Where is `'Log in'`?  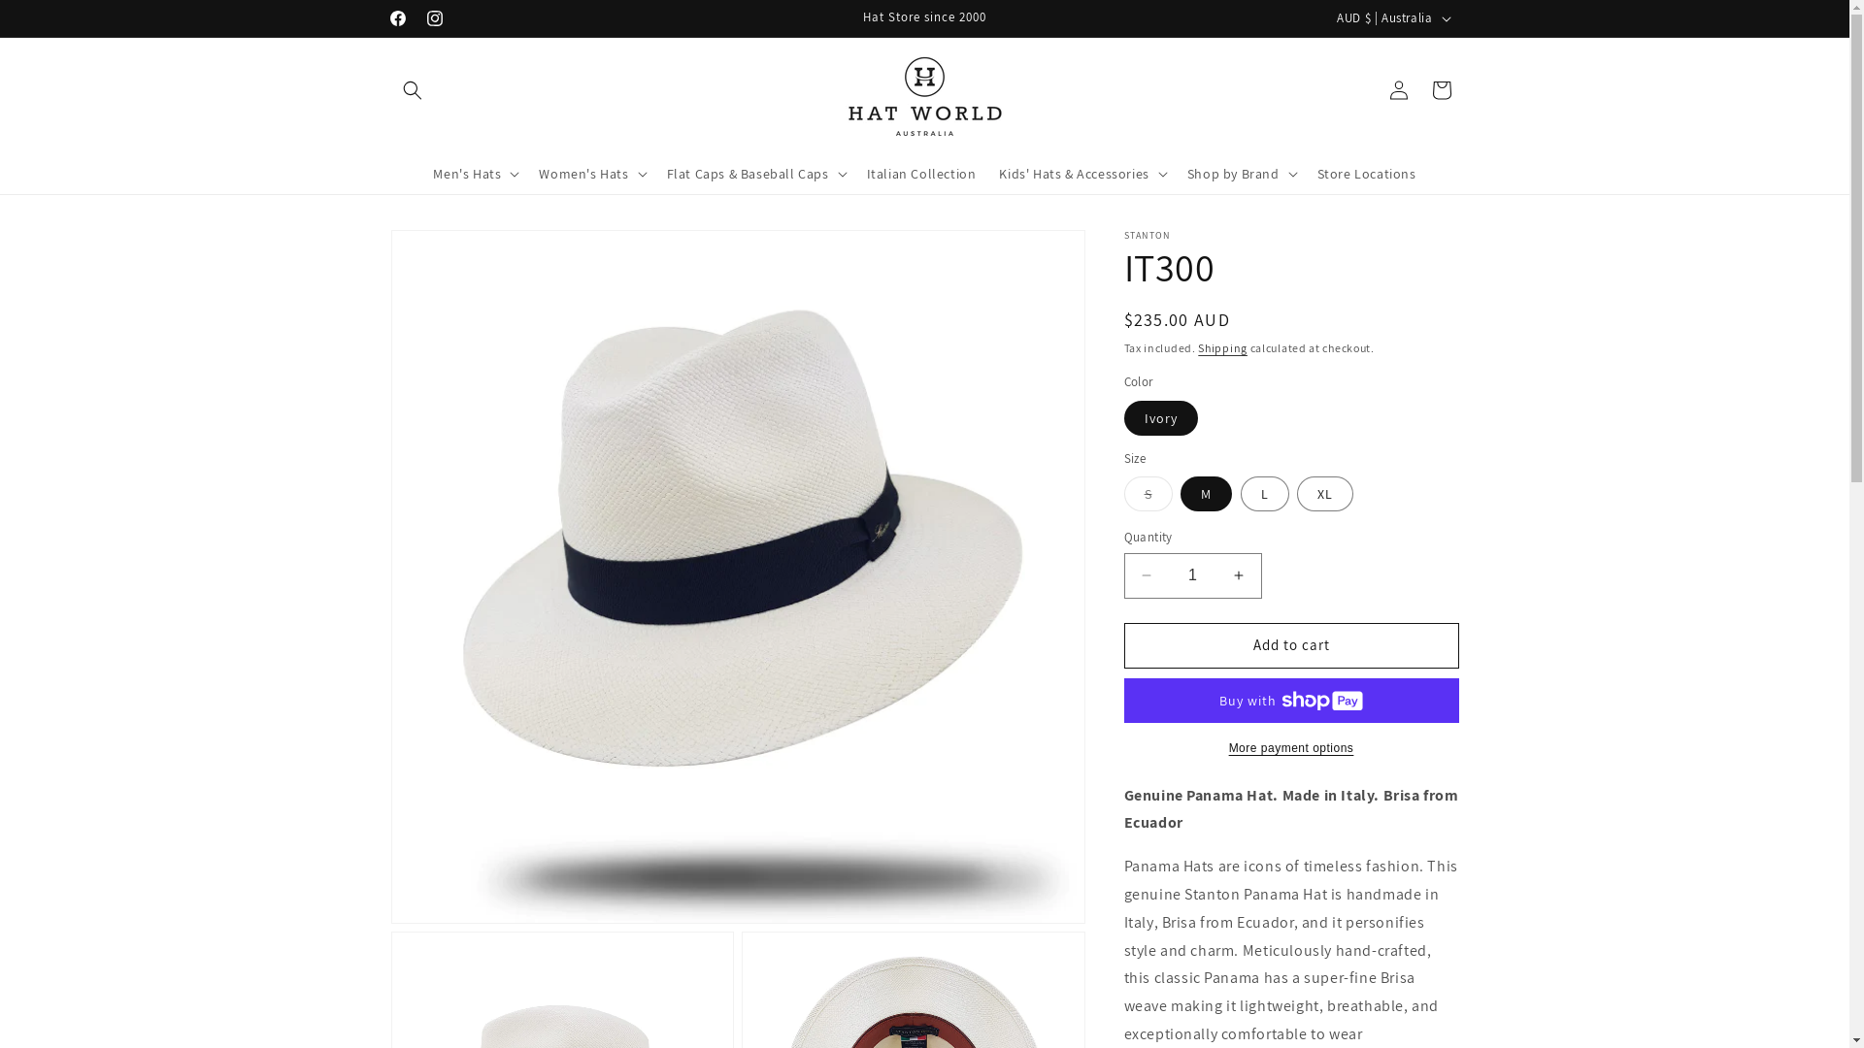
'Log in' is located at coordinates (1398, 89).